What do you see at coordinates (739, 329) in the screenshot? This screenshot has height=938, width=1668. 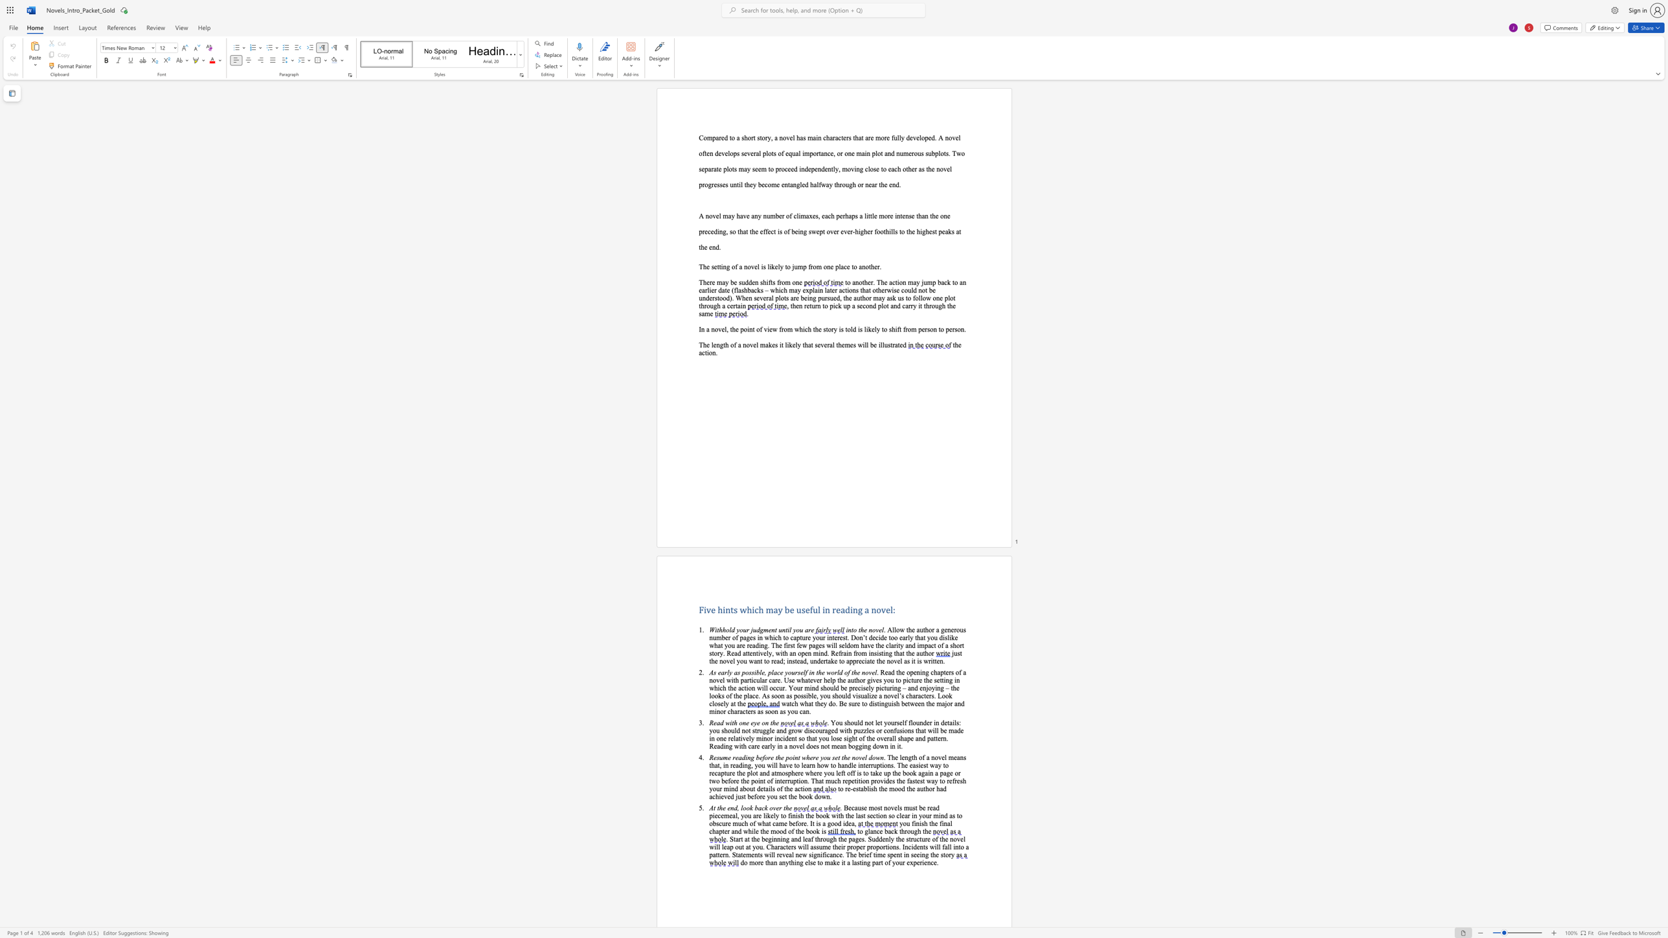 I see `the subset text "point of view from which the story is told i" within the text "In a novel, the point of view from which the story is told is likely to shift from person to person."` at bounding box center [739, 329].